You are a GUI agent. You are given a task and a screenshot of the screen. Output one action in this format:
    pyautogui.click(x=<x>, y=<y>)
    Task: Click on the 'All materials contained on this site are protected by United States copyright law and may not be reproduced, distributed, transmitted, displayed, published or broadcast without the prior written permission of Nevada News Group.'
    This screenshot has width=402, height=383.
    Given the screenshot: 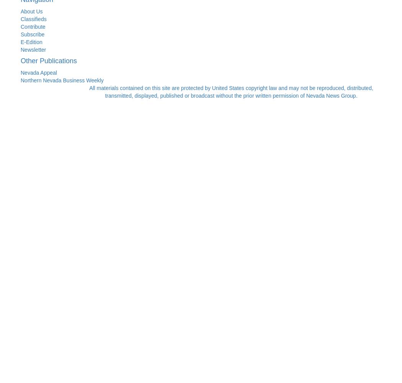 What is the action you would take?
    pyautogui.click(x=231, y=91)
    